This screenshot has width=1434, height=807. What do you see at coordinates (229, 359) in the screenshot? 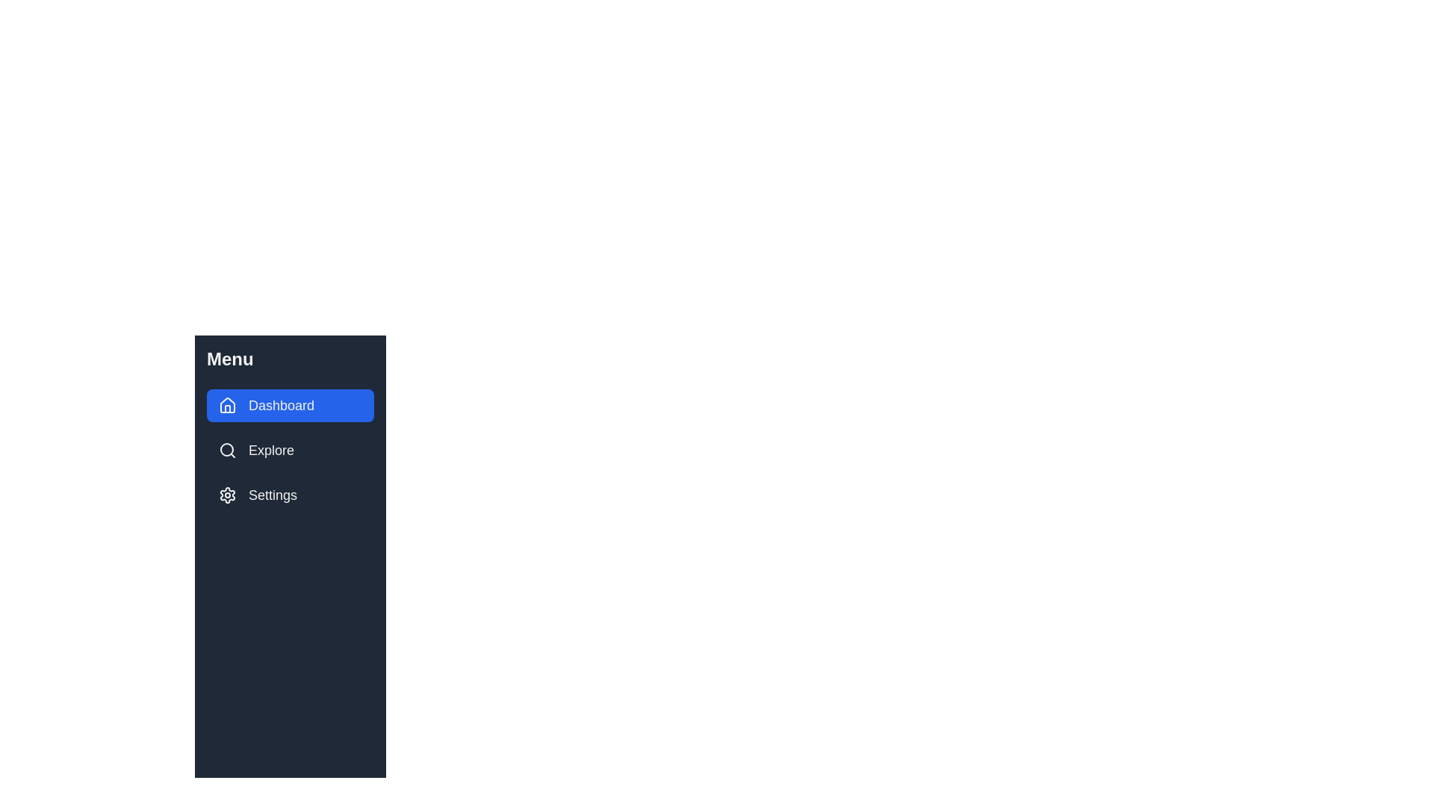
I see `the title text label of the sidebar navigation panel, which is located at the topmost position above the interactive items such as 'Dashboard', 'Explore', and 'Settings'` at bounding box center [229, 359].